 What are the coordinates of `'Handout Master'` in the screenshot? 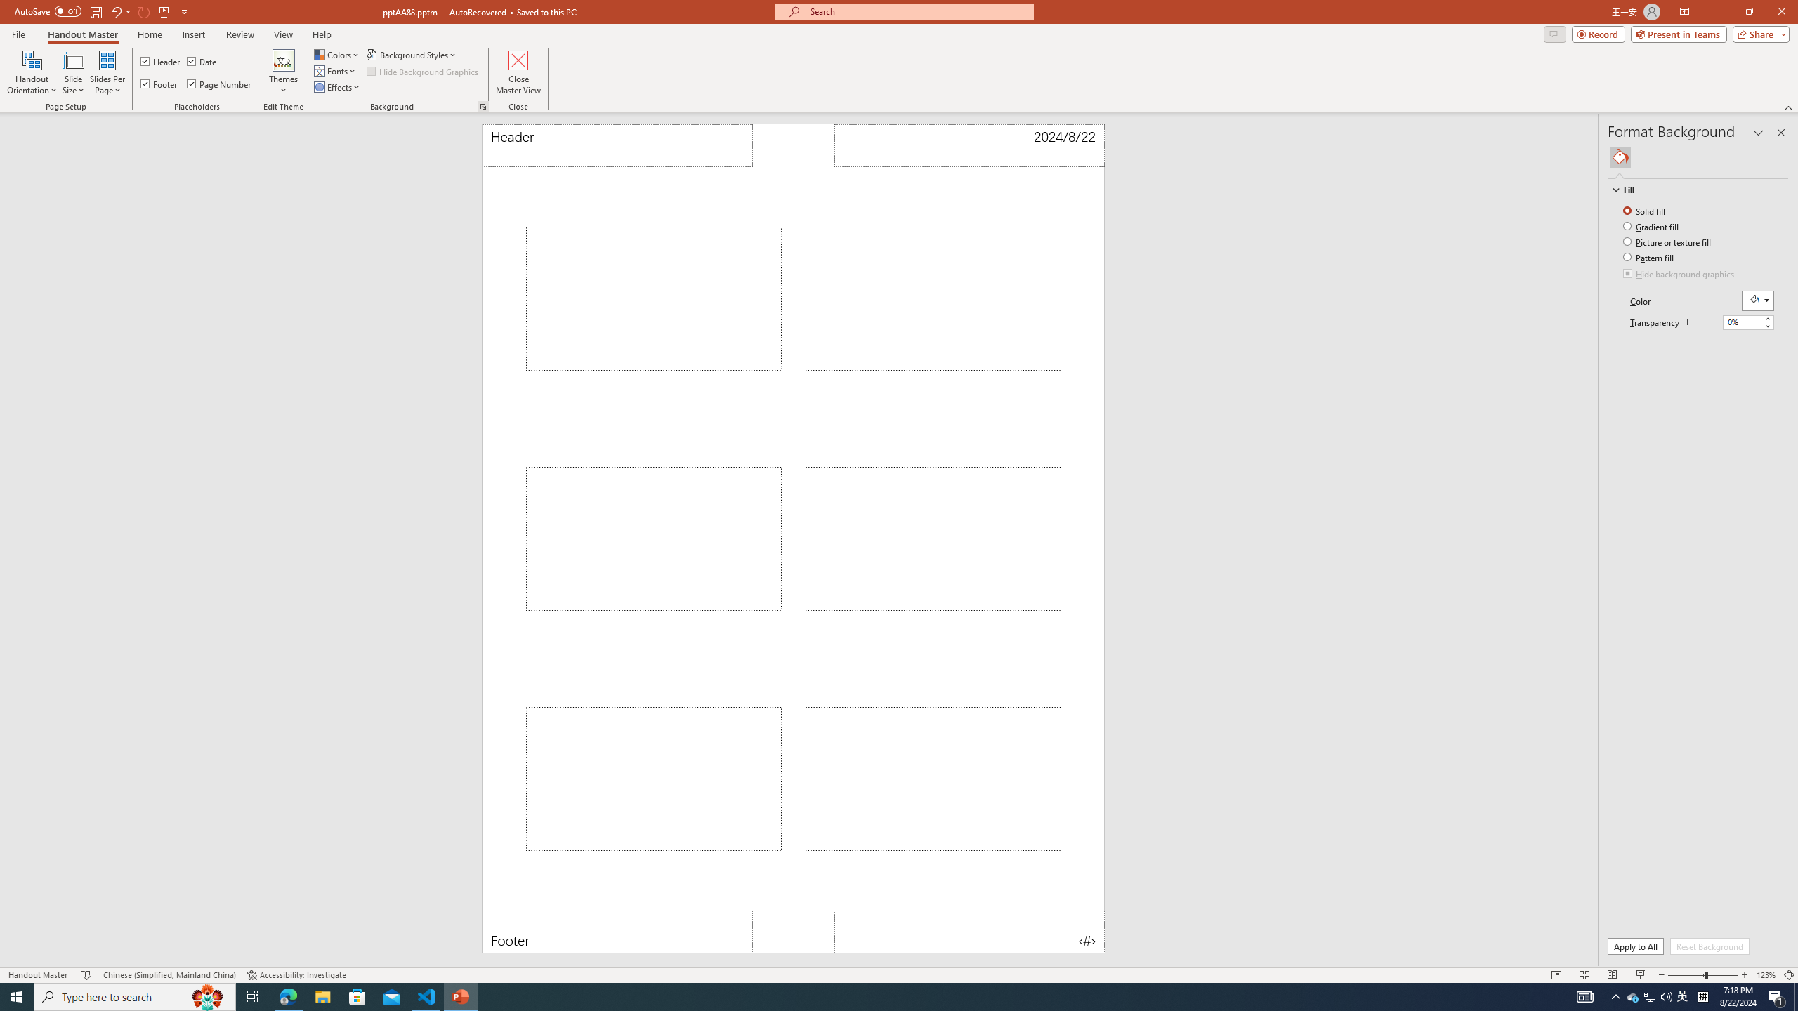 It's located at (82, 34).